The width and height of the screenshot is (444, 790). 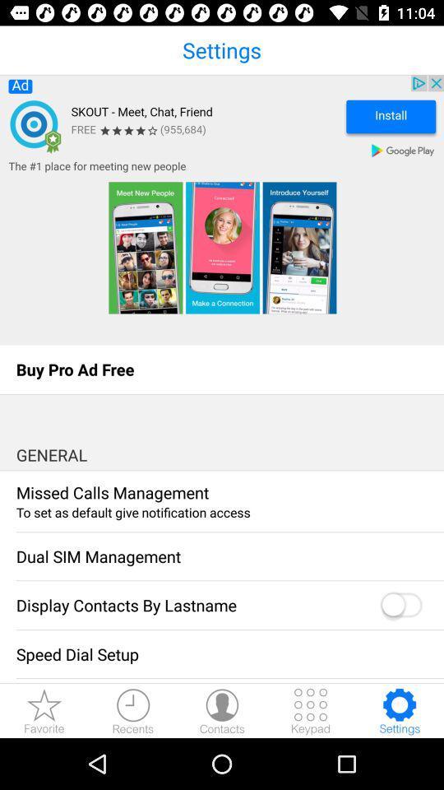 I want to click on toggle, so click(x=400, y=605).